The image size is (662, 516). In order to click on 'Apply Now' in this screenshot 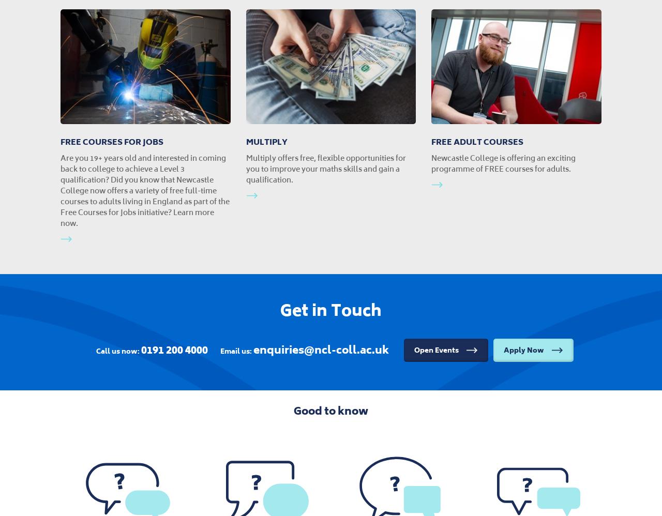, I will do `click(523, 349)`.